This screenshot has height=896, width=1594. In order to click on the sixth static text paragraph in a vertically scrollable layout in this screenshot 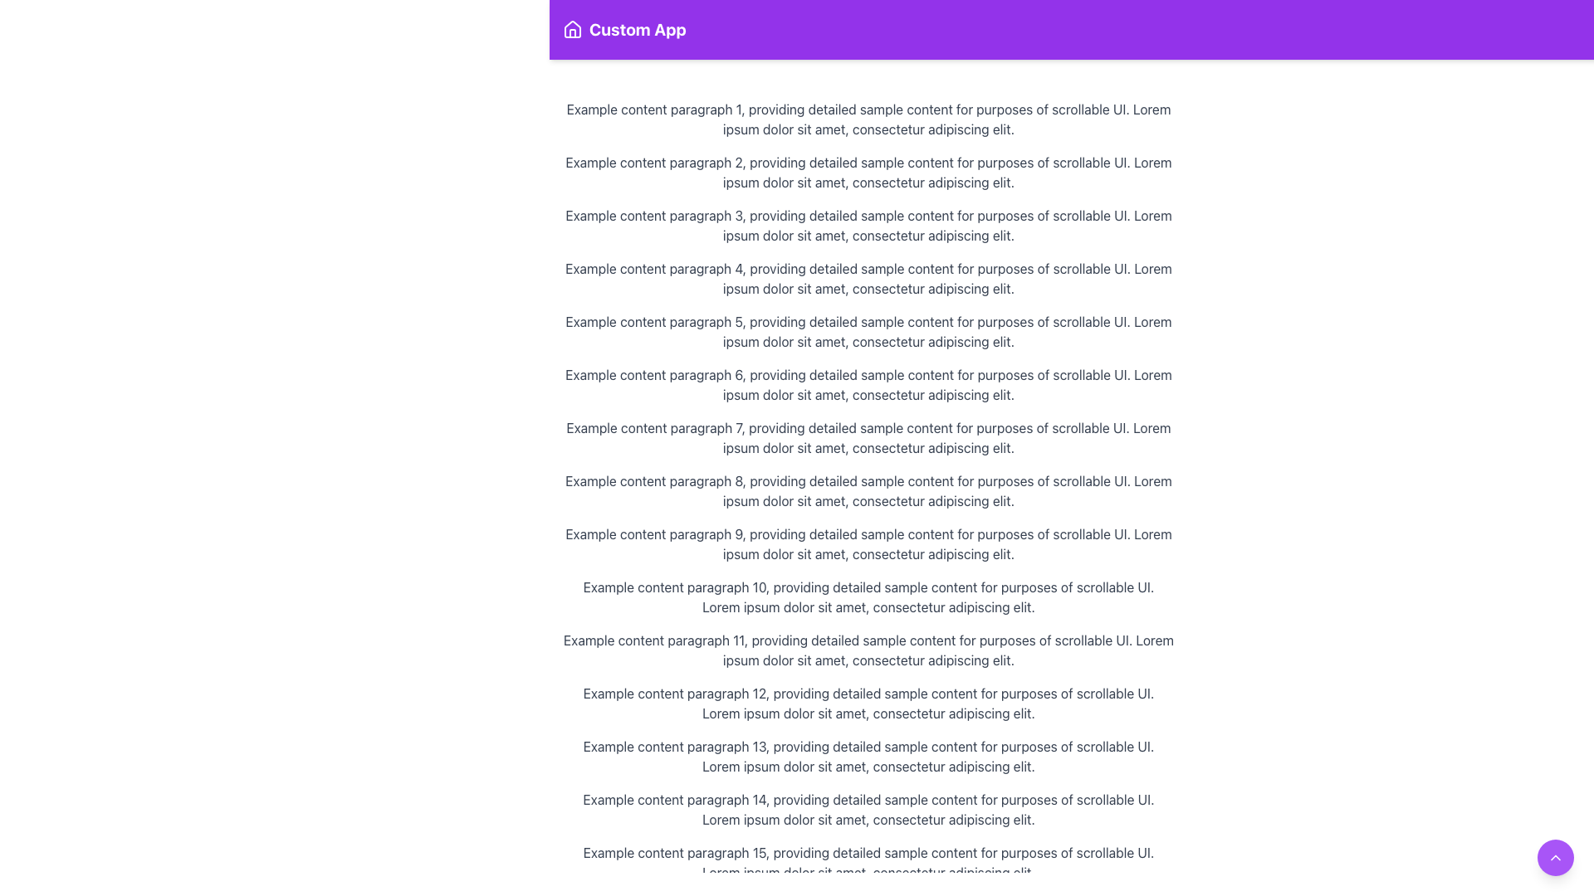, I will do `click(868, 384)`.